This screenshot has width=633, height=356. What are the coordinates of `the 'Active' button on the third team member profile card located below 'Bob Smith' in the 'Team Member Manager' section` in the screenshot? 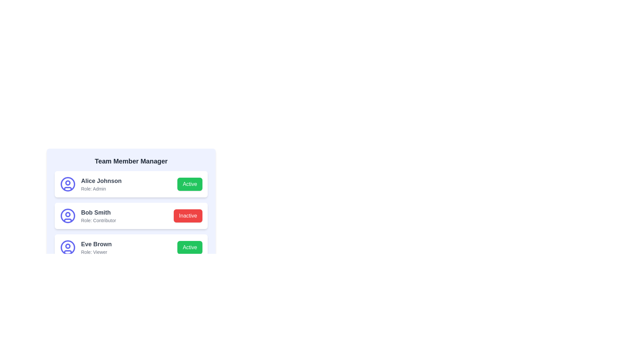 It's located at (131, 248).